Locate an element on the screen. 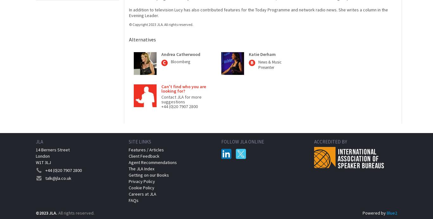 The height and width of the screenshot is (219, 433). 'All rights reserved.' is located at coordinates (58, 213).